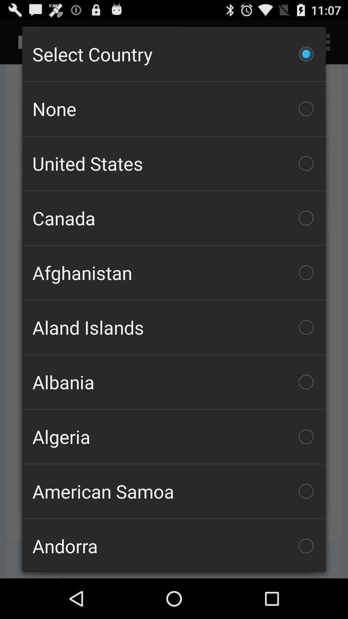  Describe the element at coordinates (174, 545) in the screenshot. I see `andorra` at that location.